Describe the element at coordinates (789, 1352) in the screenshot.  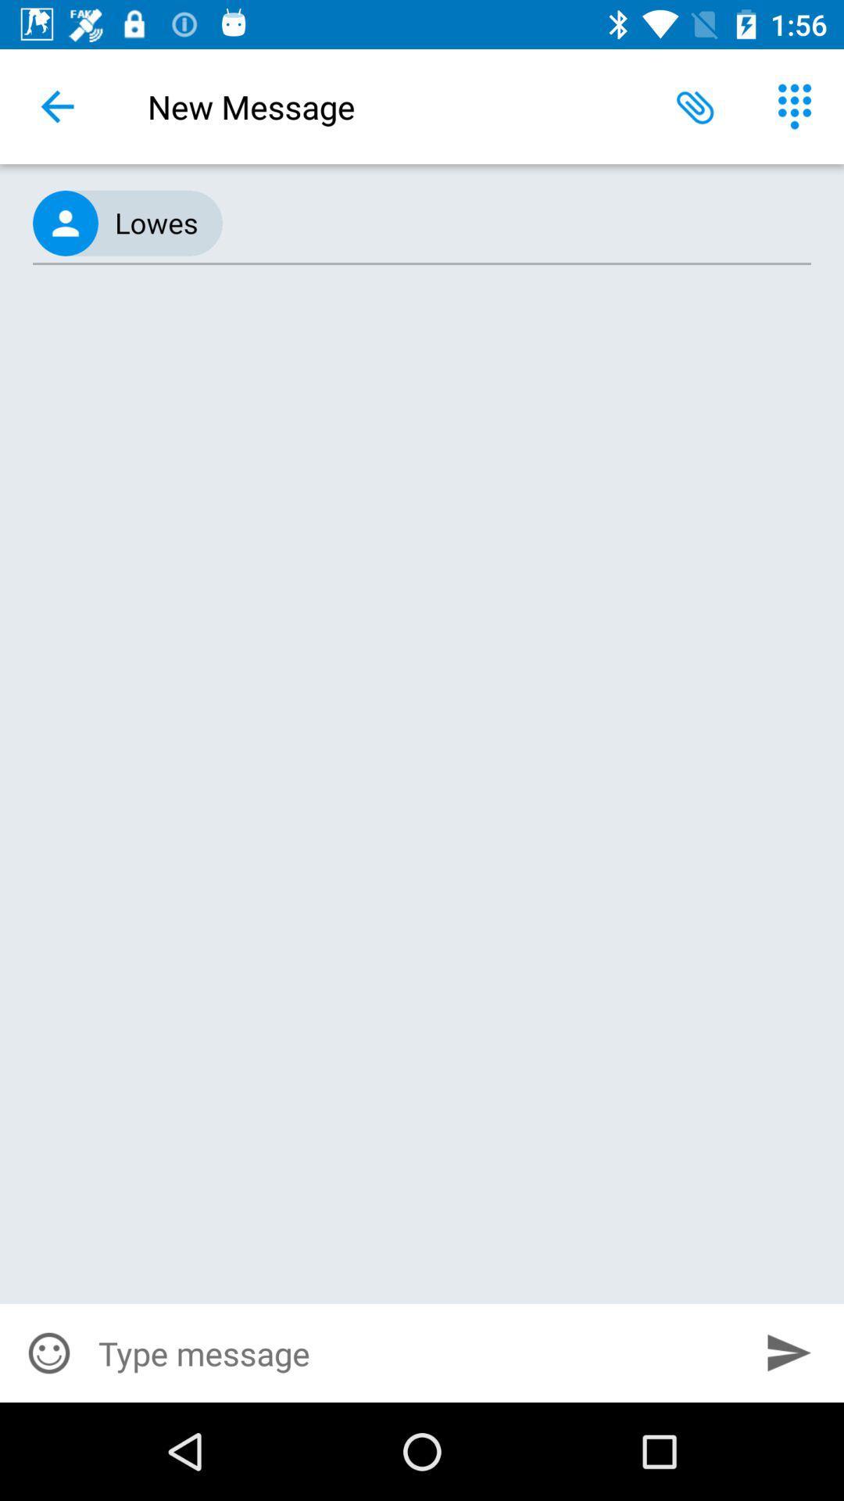
I see `the item at the bottom right corner` at that location.